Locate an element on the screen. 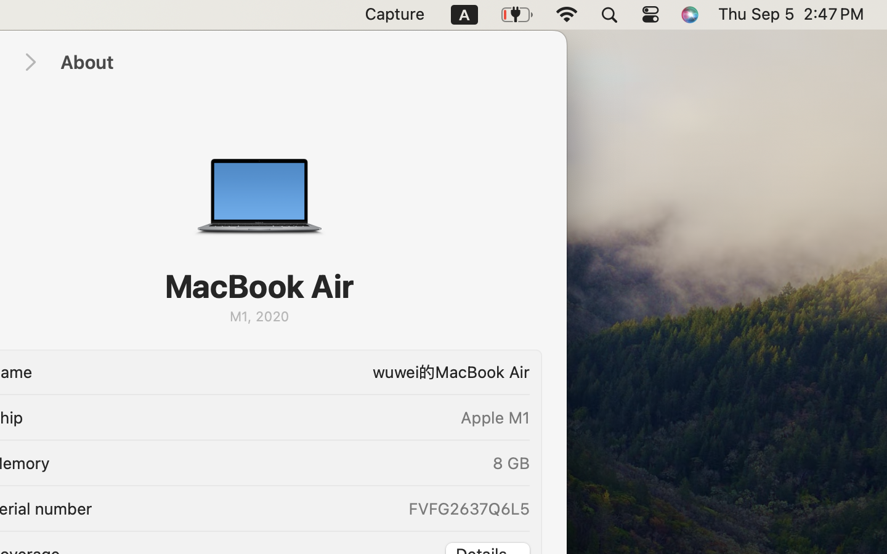 Image resolution: width=887 pixels, height=554 pixels. '8 GB' is located at coordinates (511, 462).